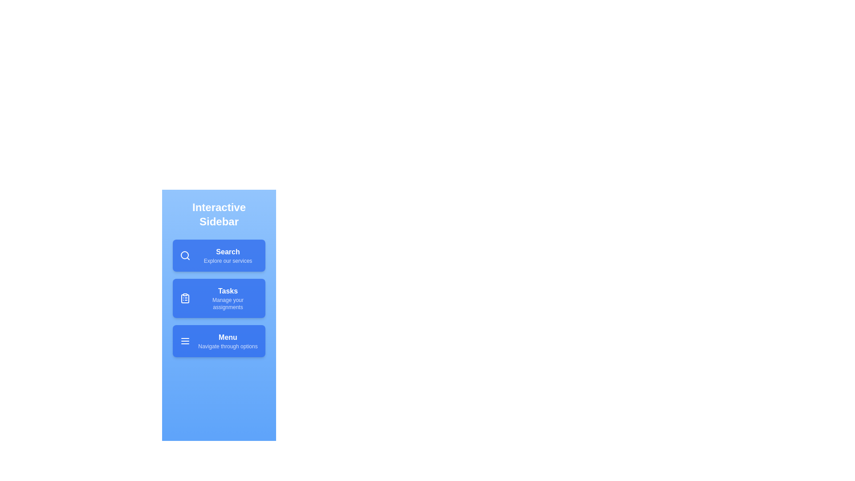  Describe the element at coordinates (185, 341) in the screenshot. I see `the icon of the menu item Menu` at that location.